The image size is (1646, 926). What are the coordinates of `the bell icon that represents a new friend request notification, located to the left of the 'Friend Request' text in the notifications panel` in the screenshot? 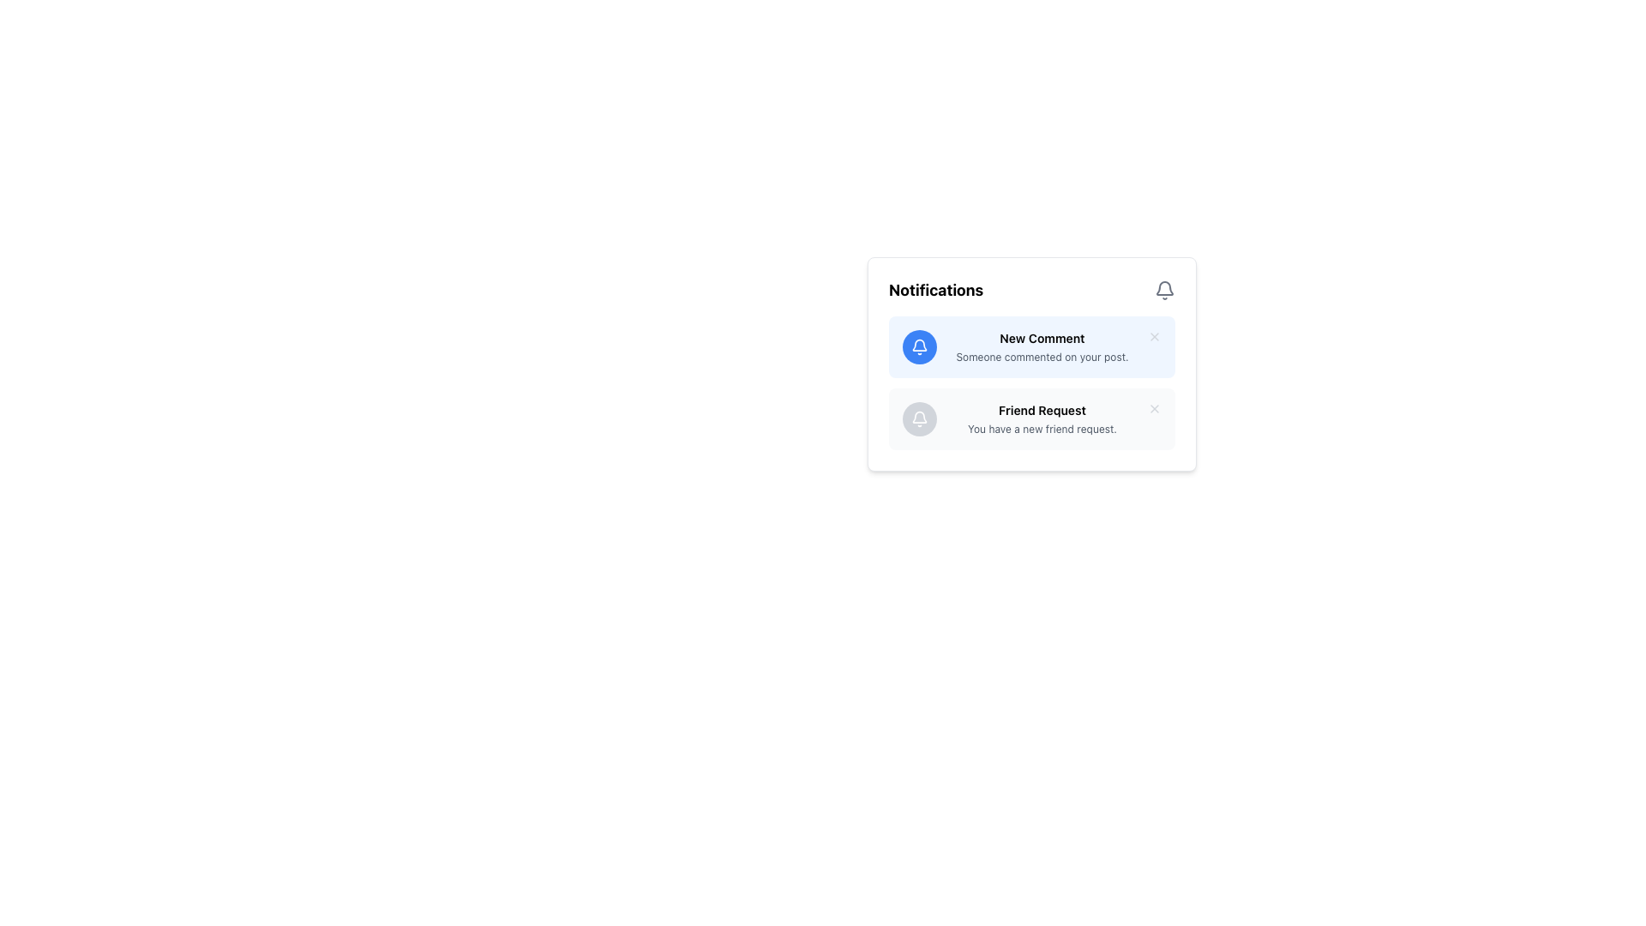 It's located at (919, 419).